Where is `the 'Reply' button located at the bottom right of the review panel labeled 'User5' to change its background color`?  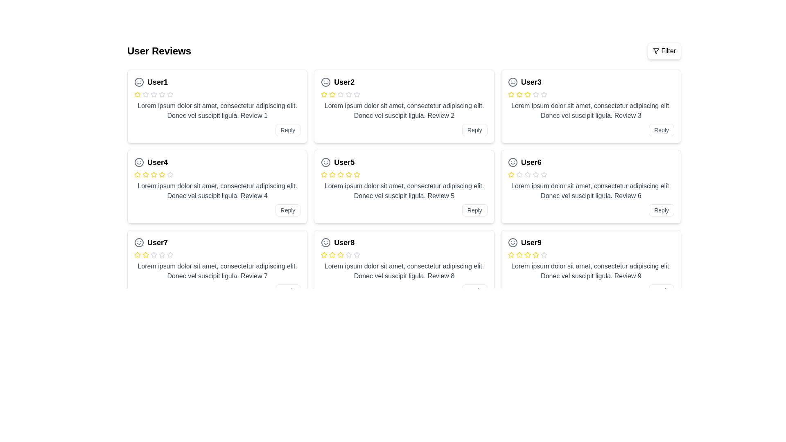
the 'Reply' button located at the bottom right of the review panel labeled 'User5' to change its background color is located at coordinates (474, 210).